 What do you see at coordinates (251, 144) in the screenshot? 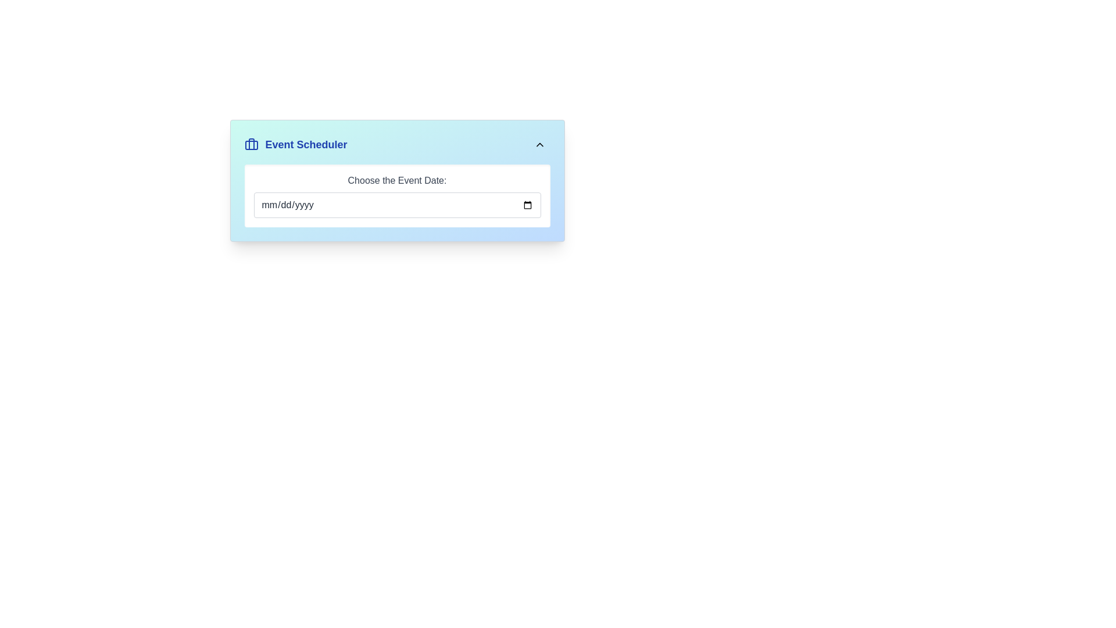
I see `the briefcase icon located to the left of the bold text 'Event Scheduler'` at bounding box center [251, 144].